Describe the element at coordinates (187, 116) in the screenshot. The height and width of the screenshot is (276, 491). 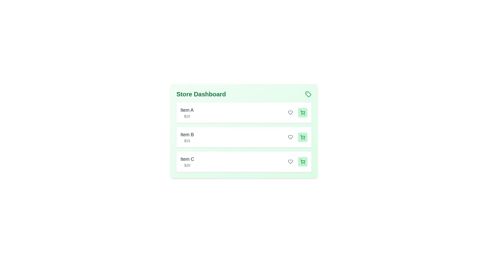
I see `the static Text label displaying the price value for 'Item A' located below its primary label in the card structure` at that location.